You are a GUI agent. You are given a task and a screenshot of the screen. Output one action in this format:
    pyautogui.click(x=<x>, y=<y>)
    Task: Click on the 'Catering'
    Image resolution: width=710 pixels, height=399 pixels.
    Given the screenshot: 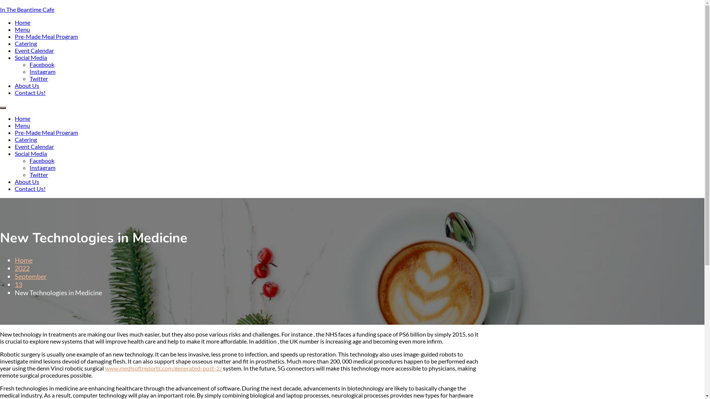 What is the action you would take?
    pyautogui.click(x=14, y=139)
    